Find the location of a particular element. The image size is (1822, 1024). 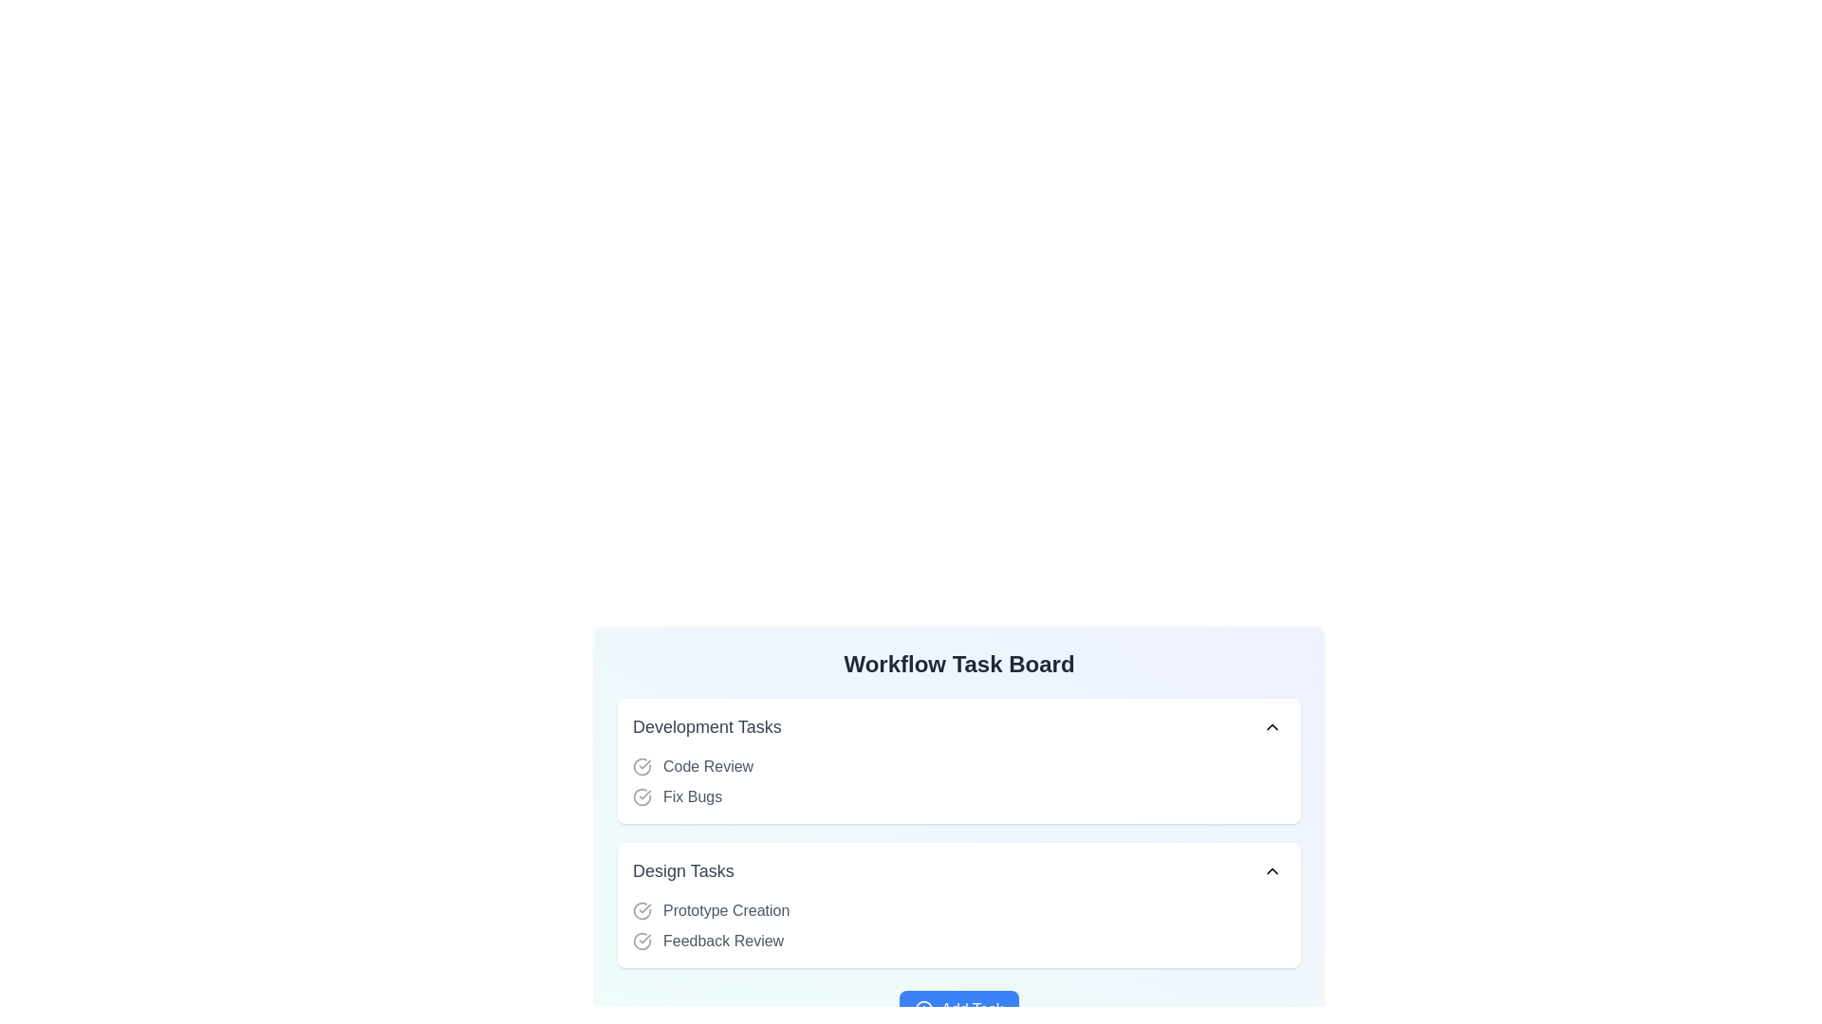

the task item titled 'Code Review' in the 'Development Tasks' section is located at coordinates (959, 766).